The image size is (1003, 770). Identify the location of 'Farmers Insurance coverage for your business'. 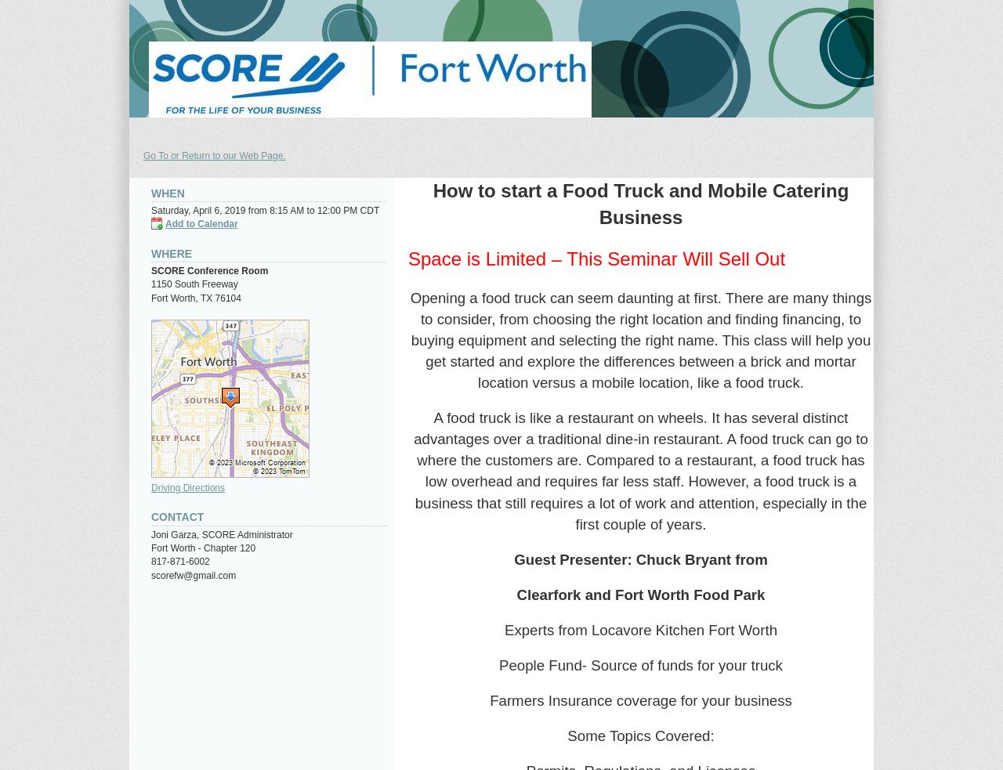
(489, 700).